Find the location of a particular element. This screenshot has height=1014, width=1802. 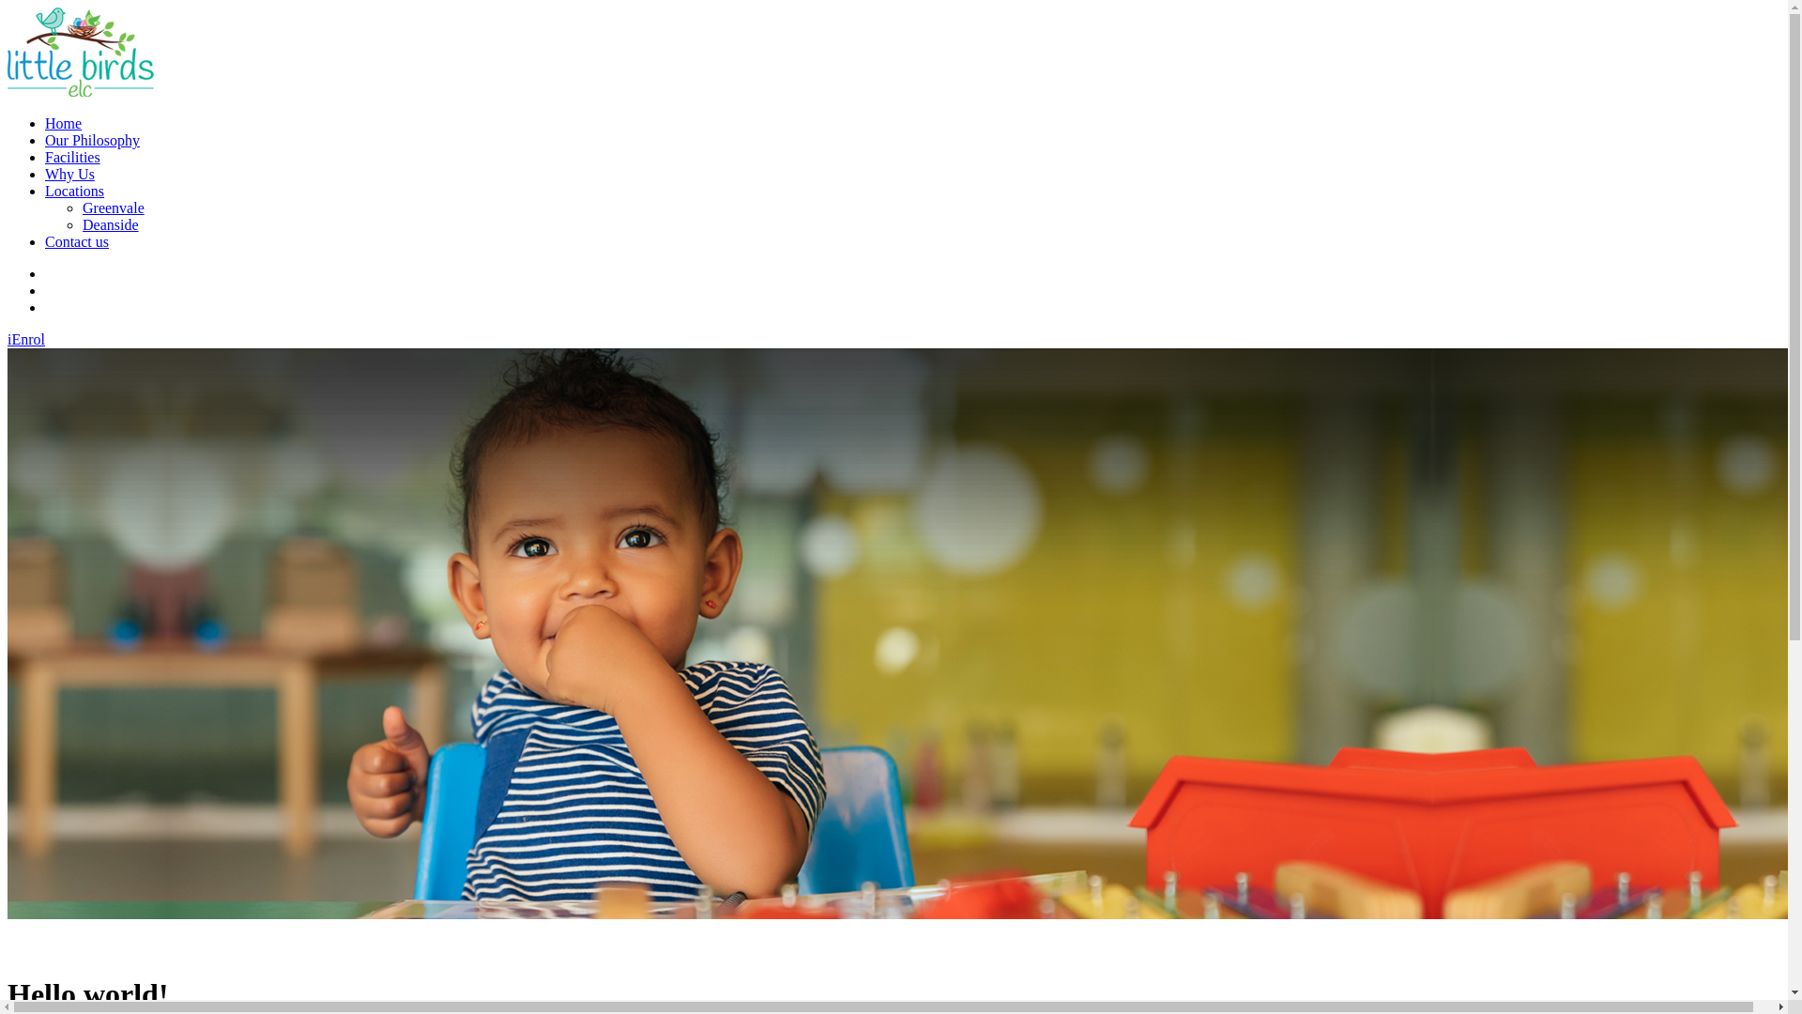

'Facilities' is located at coordinates (72, 156).